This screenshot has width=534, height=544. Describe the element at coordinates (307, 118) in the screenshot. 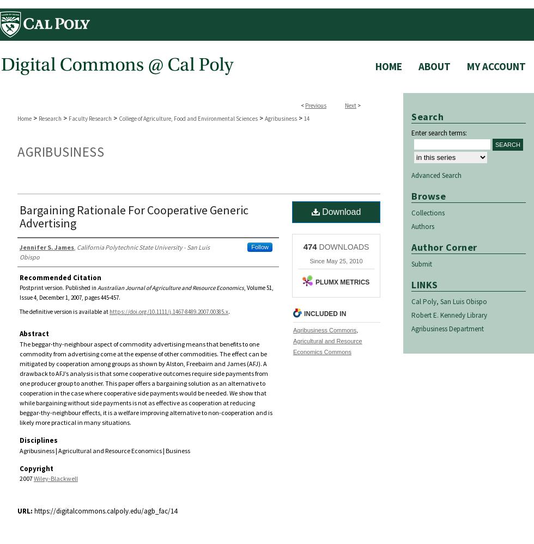

I see `'14'` at that location.